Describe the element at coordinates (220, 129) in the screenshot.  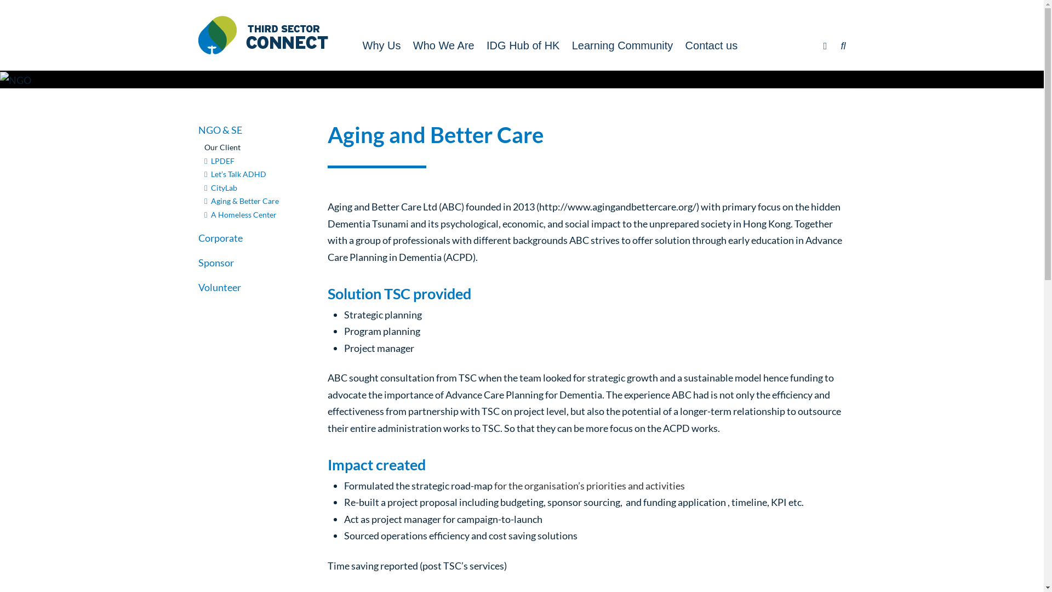
I see `'NGO & SE'` at that location.